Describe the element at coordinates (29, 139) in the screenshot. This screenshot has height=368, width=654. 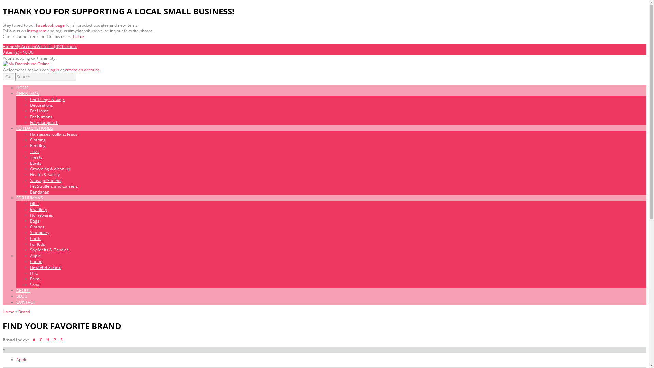
I see `'Clothing'` at that location.